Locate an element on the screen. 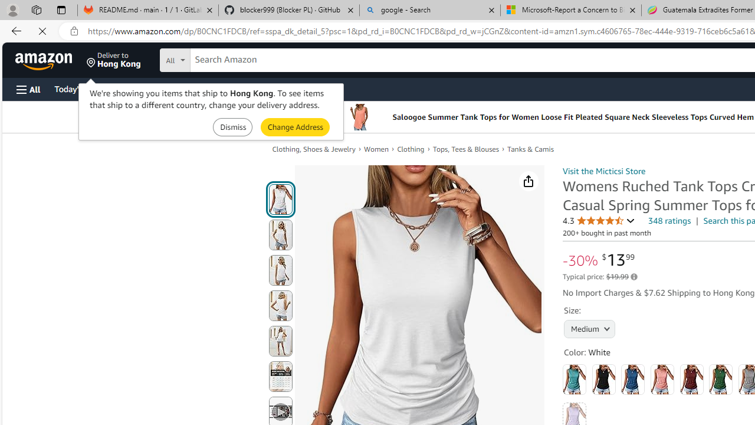  'Black' is located at coordinates (603, 379).